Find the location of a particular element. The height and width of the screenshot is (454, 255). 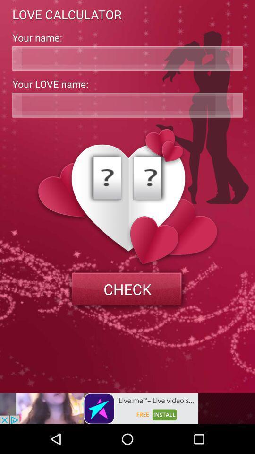

text box is located at coordinates (127, 58).